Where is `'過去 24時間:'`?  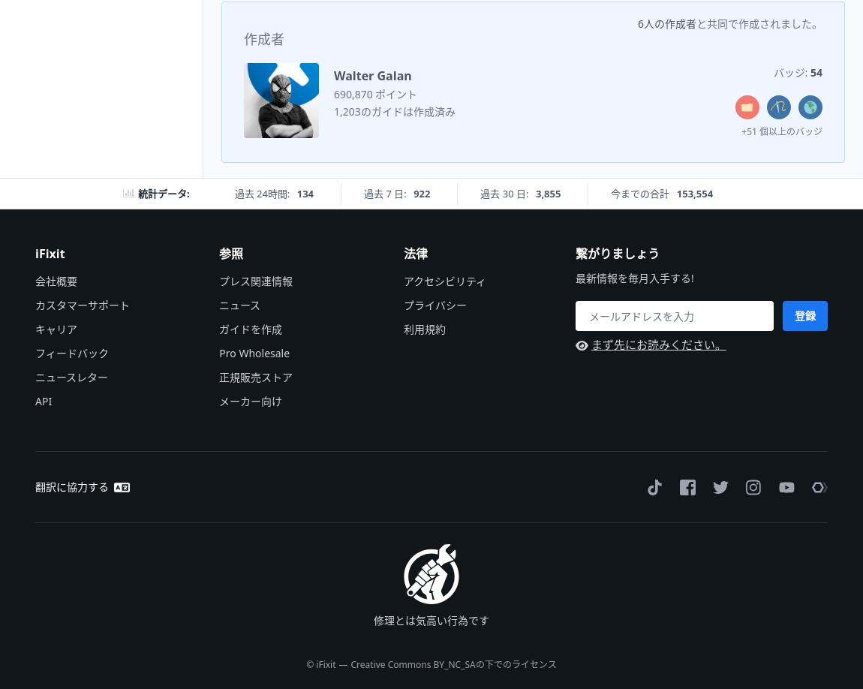 '過去 24時間:' is located at coordinates (262, 192).